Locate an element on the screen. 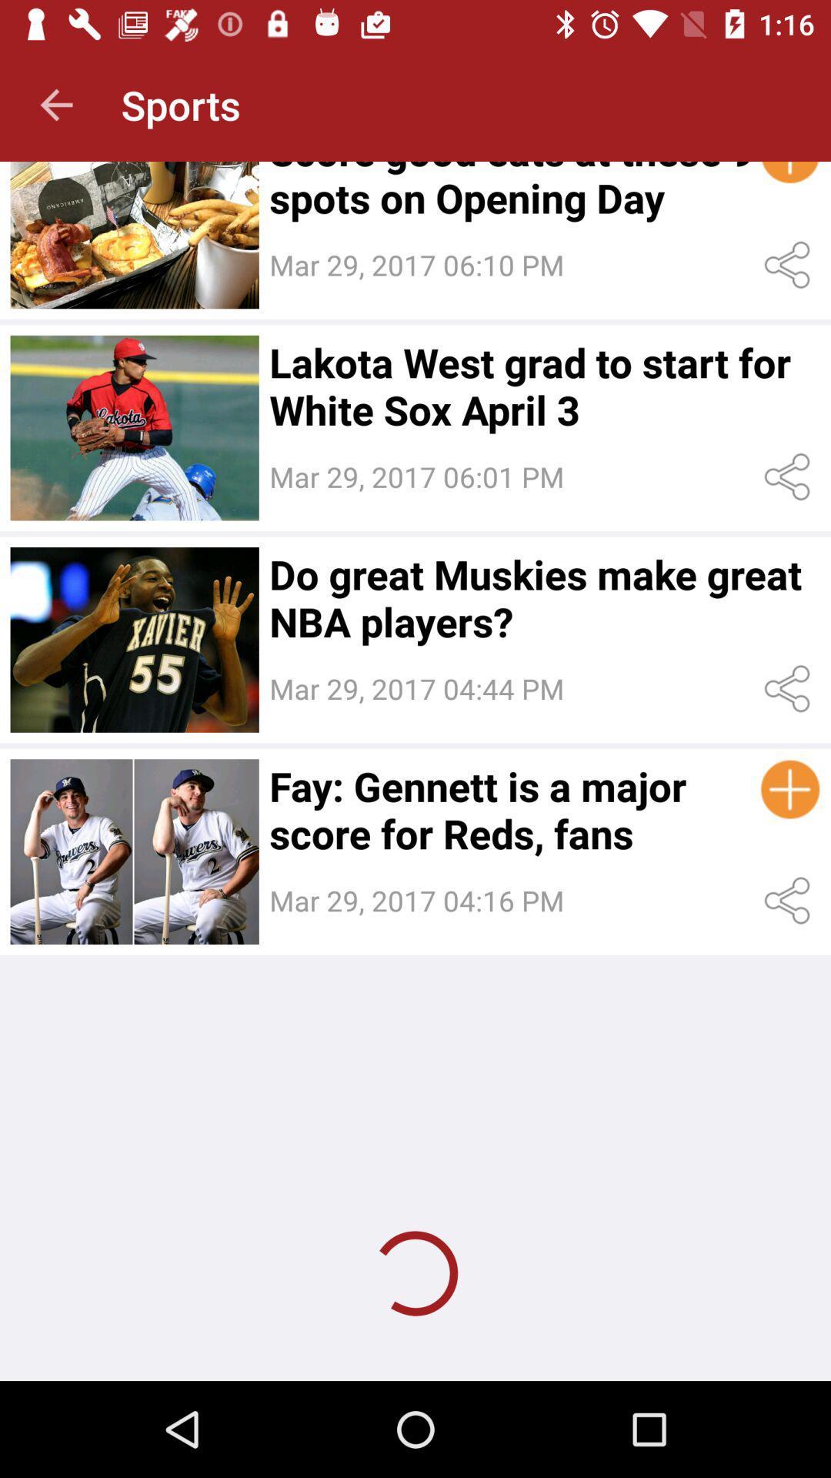 The height and width of the screenshot is (1478, 831). share story is located at coordinates (790, 476).